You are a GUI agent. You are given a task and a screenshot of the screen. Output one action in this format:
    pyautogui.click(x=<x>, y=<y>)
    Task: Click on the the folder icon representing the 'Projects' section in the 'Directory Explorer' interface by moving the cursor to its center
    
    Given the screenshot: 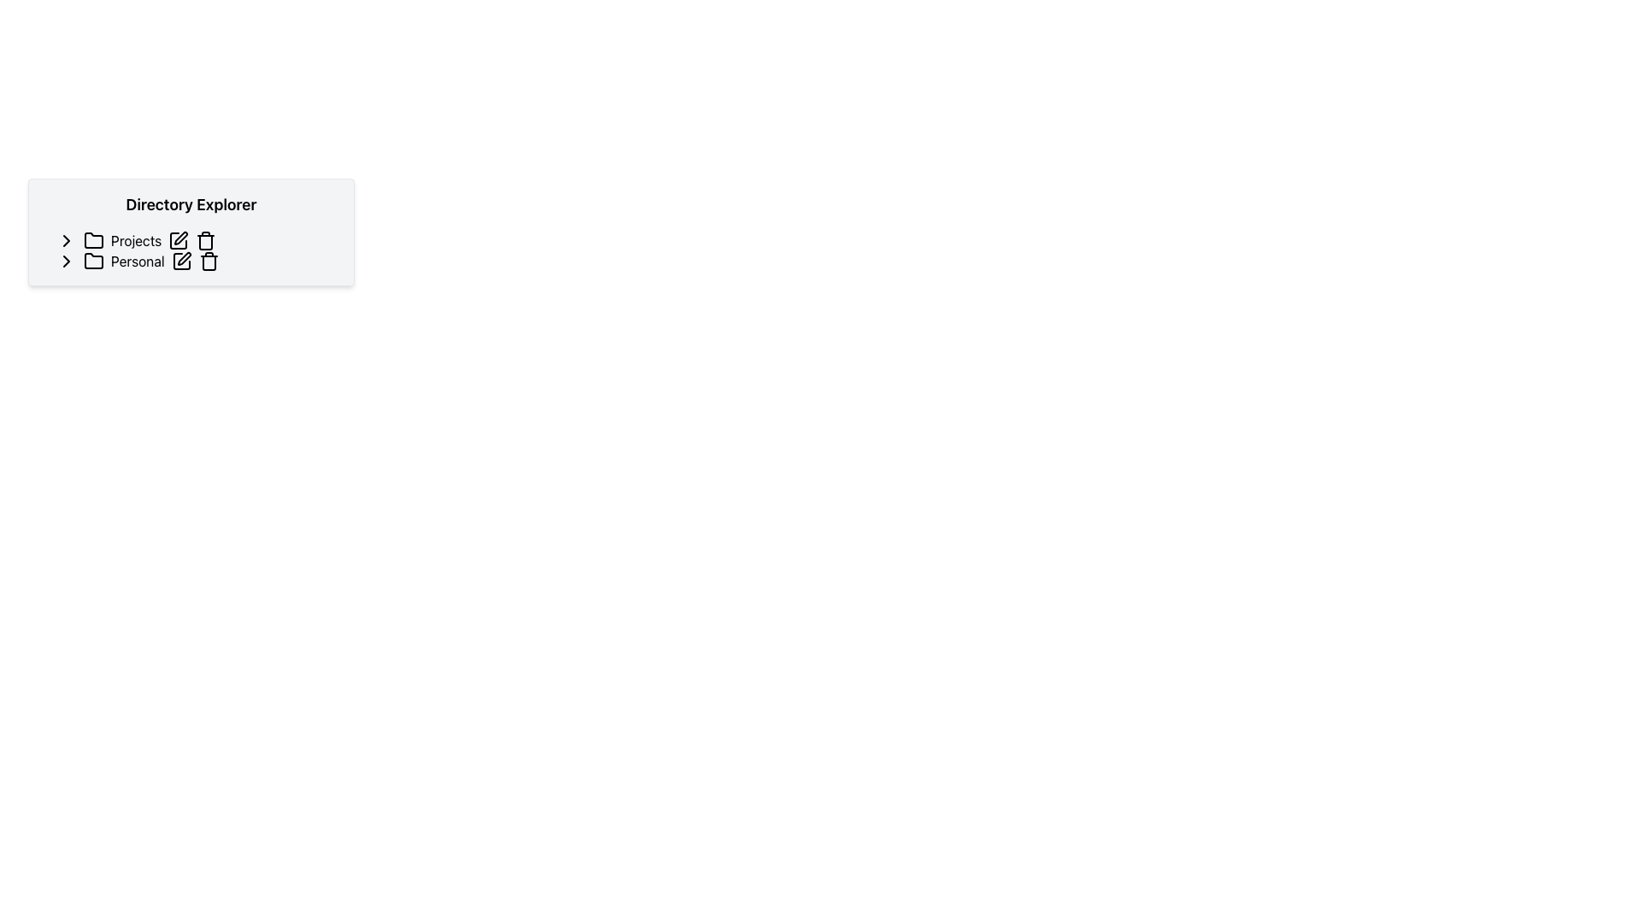 What is the action you would take?
    pyautogui.click(x=93, y=240)
    